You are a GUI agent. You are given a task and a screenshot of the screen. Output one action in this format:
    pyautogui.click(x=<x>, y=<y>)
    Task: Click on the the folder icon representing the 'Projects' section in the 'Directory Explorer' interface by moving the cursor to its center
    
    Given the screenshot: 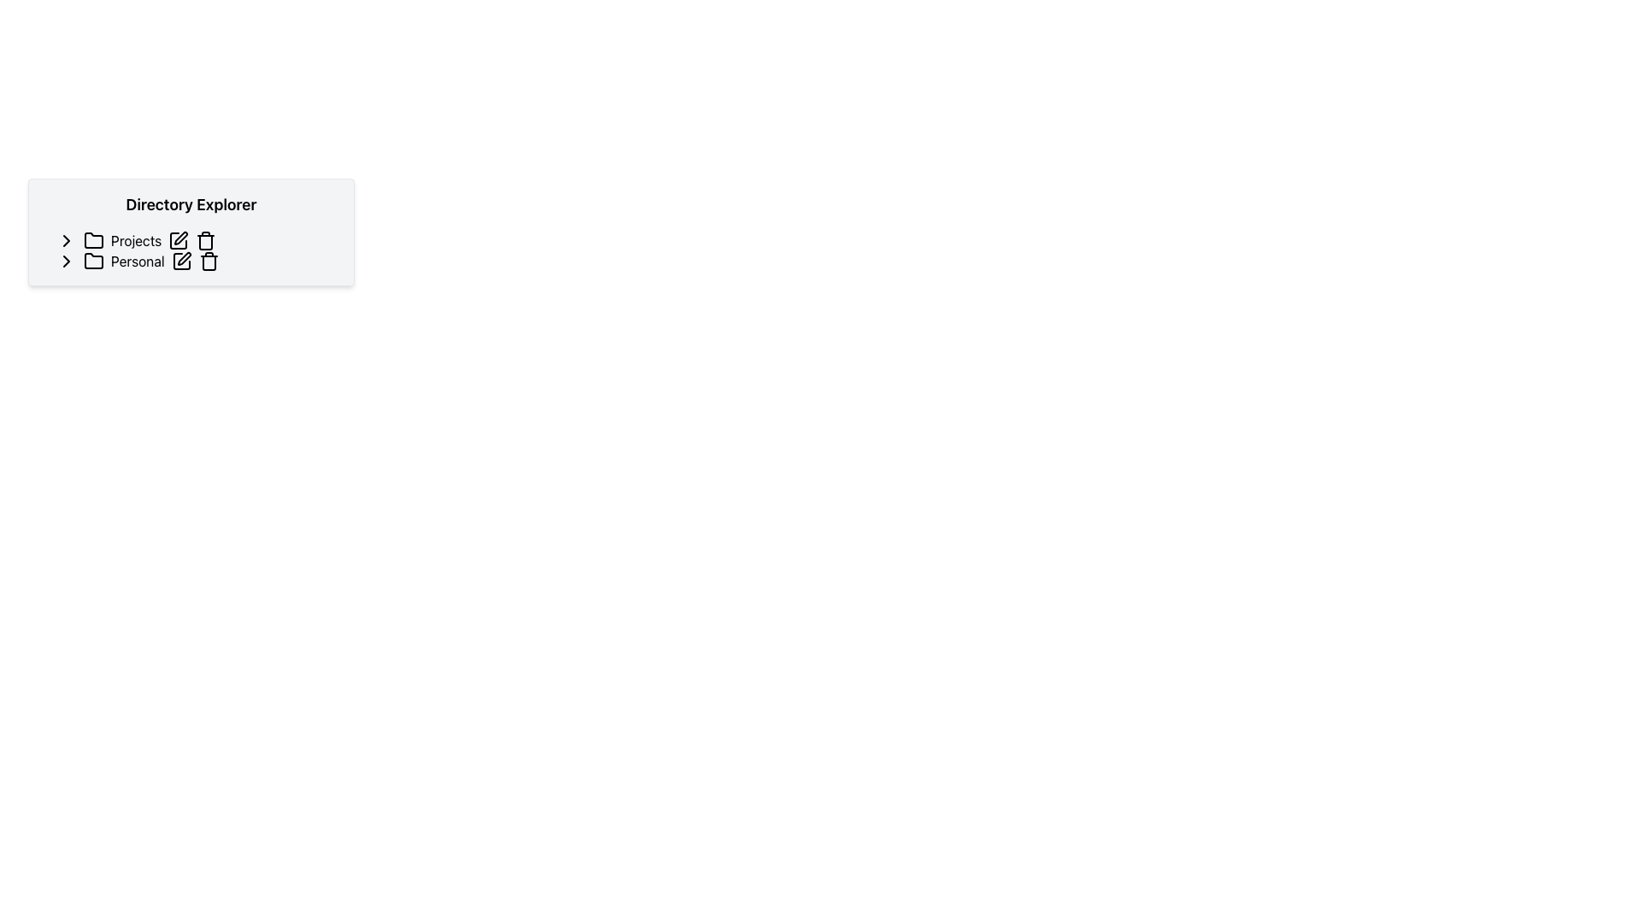 What is the action you would take?
    pyautogui.click(x=93, y=240)
    